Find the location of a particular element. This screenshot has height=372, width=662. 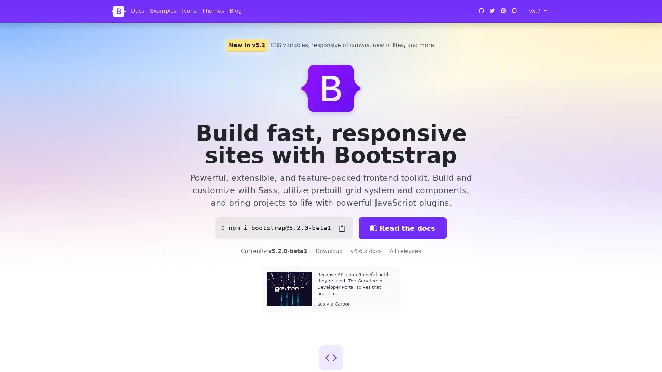

v5.2 is located at coordinates (538, 11).